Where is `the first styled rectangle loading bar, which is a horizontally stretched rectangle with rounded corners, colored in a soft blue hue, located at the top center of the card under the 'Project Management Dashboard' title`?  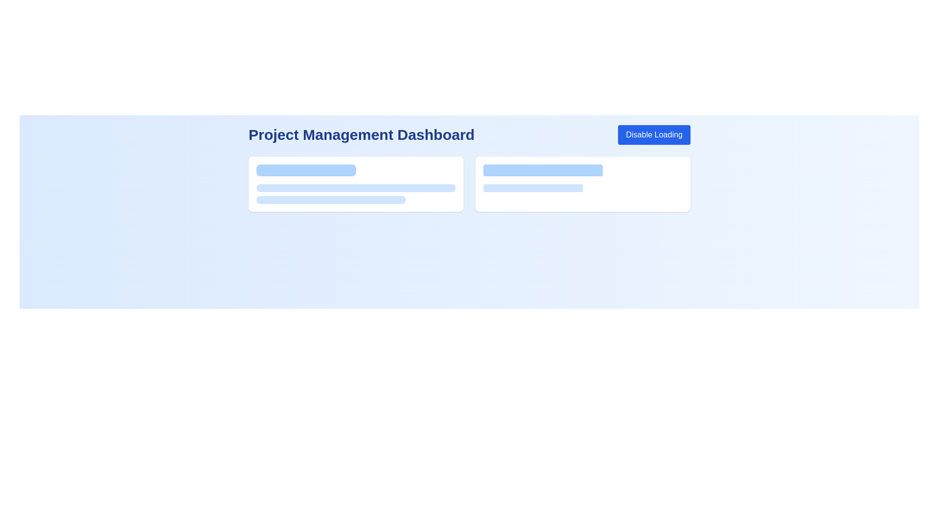
the first styled rectangle loading bar, which is a horizontally stretched rectangle with rounded corners, colored in a soft blue hue, located at the top center of the card under the 'Project Management Dashboard' title is located at coordinates (305, 170).